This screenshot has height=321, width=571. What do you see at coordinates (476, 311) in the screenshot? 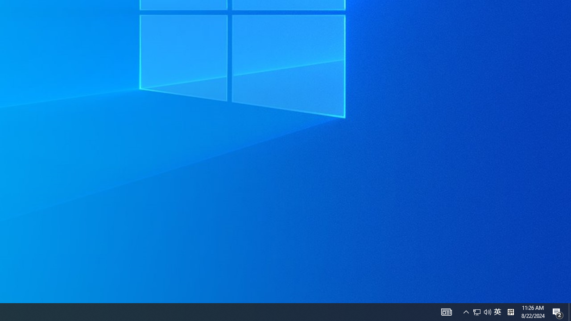
I see `'Q2790: 100%'` at bounding box center [476, 311].